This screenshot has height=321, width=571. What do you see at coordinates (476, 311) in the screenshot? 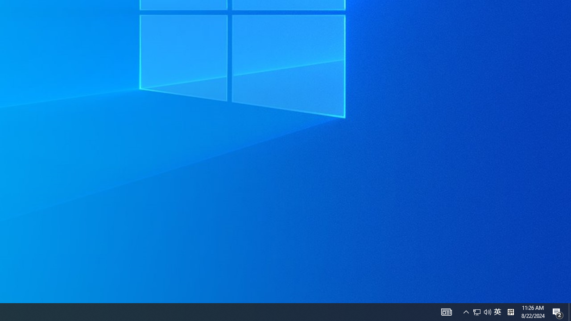
I see `'Q2790: 100%'` at bounding box center [476, 311].